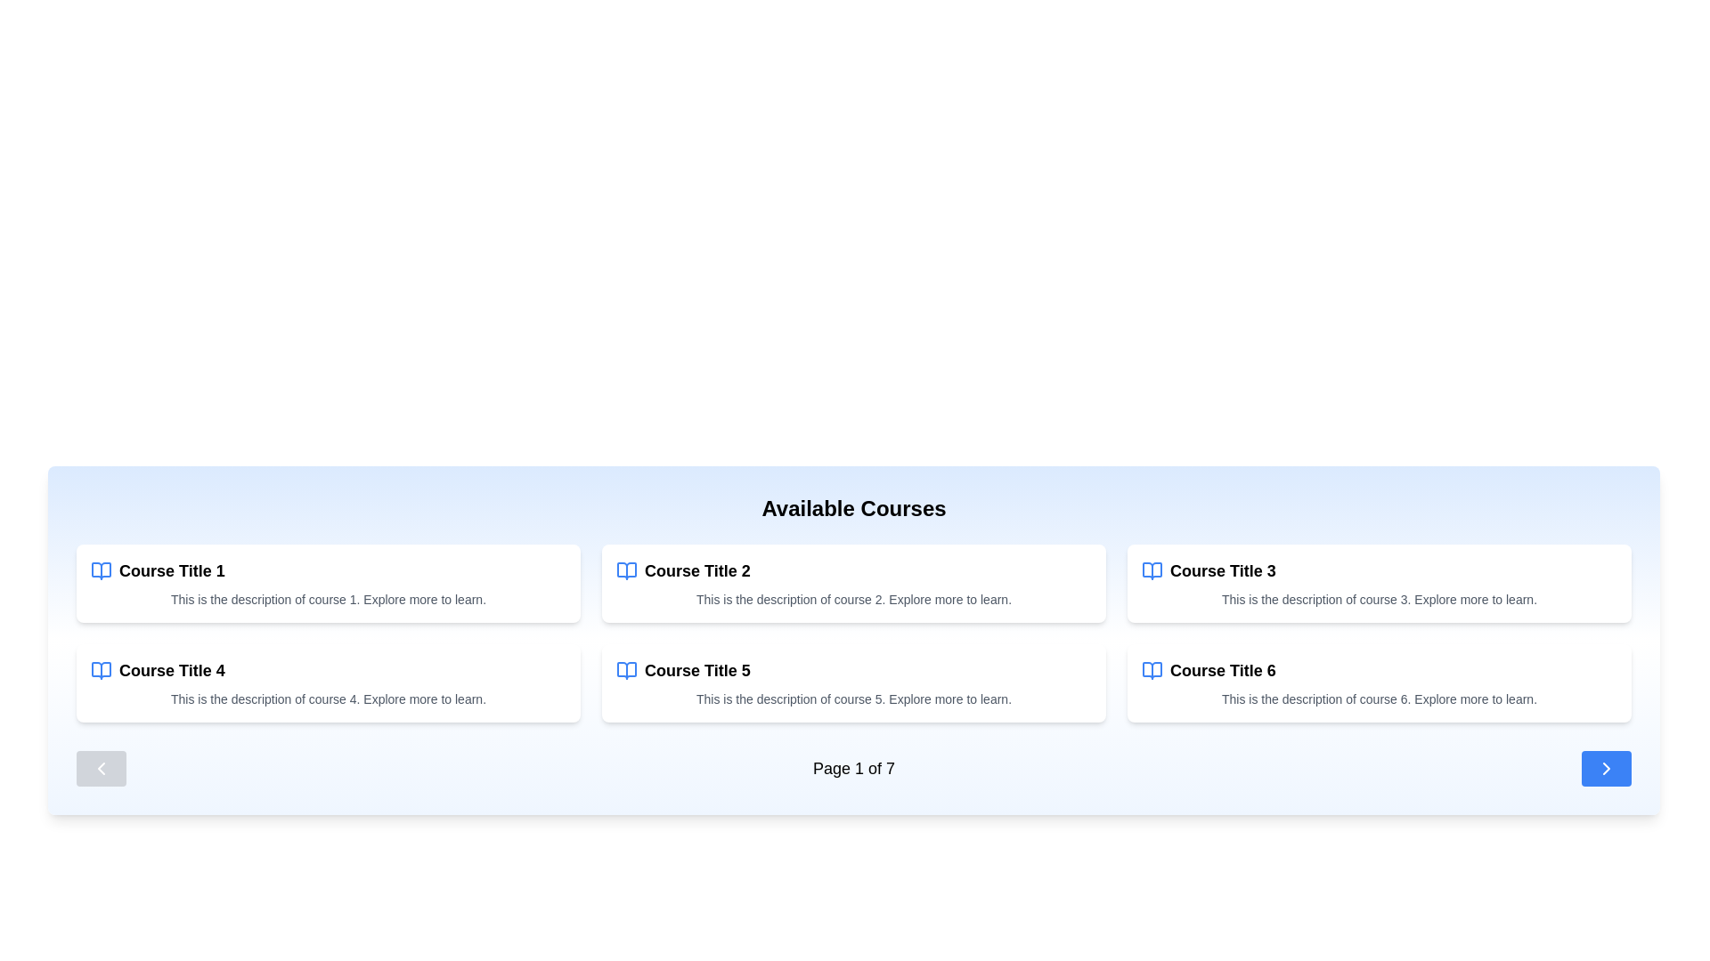 The image size is (1710, 961). Describe the element at coordinates (627, 570) in the screenshot. I see `the decorative icon representing the course content type for 'Course Title 2', located at the top-left corner of the card adjacent to the course title text` at that location.